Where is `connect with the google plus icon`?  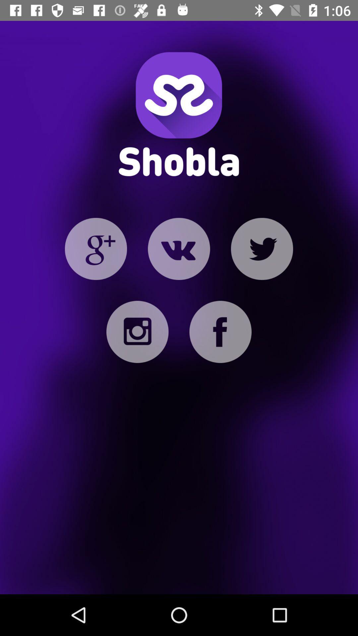 connect with the google plus icon is located at coordinates (96, 248).